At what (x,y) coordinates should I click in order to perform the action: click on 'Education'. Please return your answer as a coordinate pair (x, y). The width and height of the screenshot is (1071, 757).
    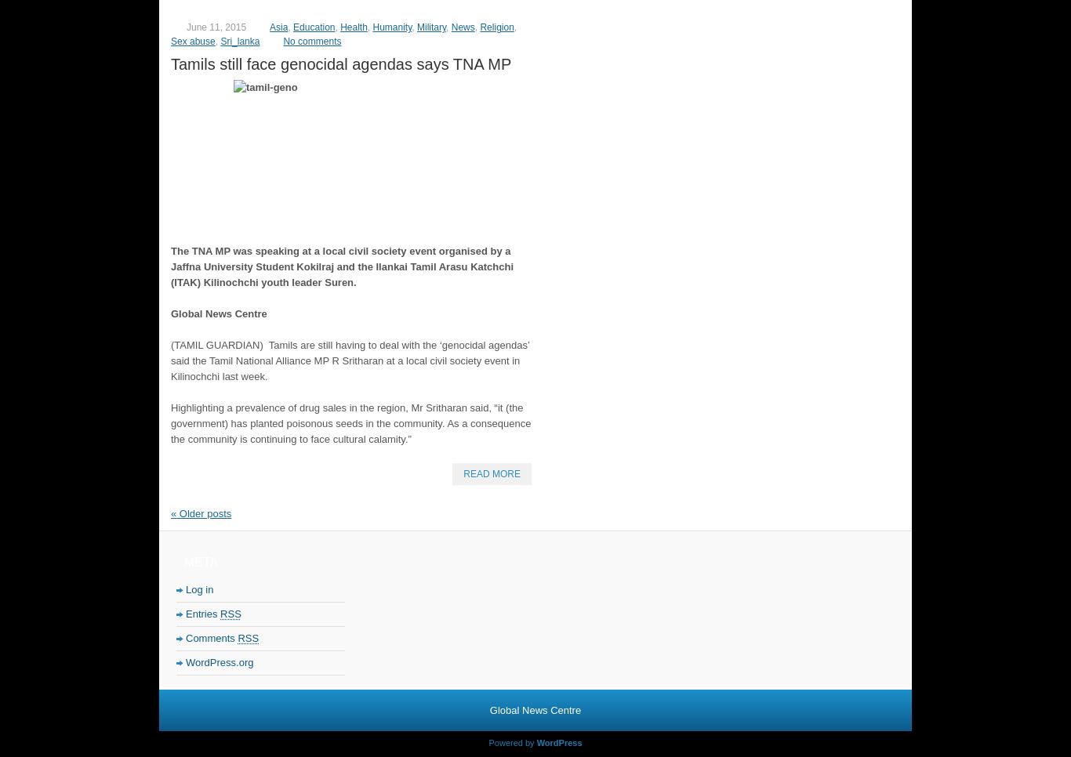
    Looking at the image, I should click on (313, 26).